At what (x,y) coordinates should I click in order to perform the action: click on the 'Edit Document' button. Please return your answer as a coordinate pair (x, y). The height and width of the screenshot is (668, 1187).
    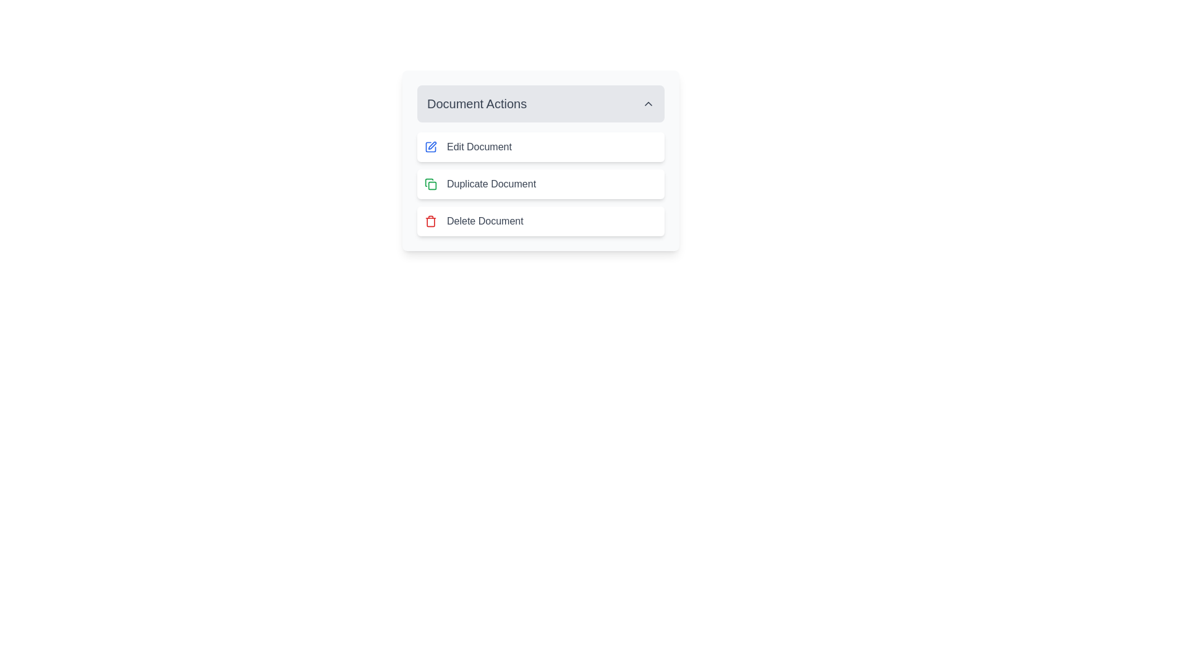
    Looking at the image, I should click on (540, 160).